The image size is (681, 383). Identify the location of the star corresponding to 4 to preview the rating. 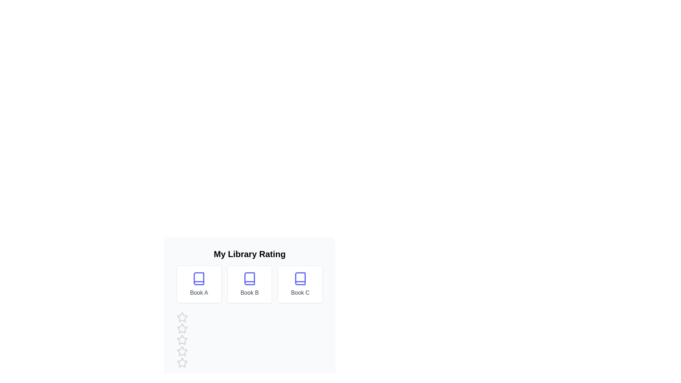
(182, 351).